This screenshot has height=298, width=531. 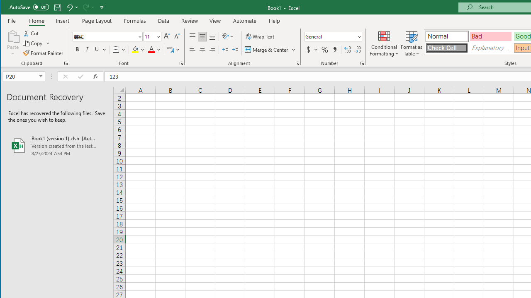 What do you see at coordinates (138, 50) in the screenshot?
I see `'Fill Color'` at bounding box center [138, 50].